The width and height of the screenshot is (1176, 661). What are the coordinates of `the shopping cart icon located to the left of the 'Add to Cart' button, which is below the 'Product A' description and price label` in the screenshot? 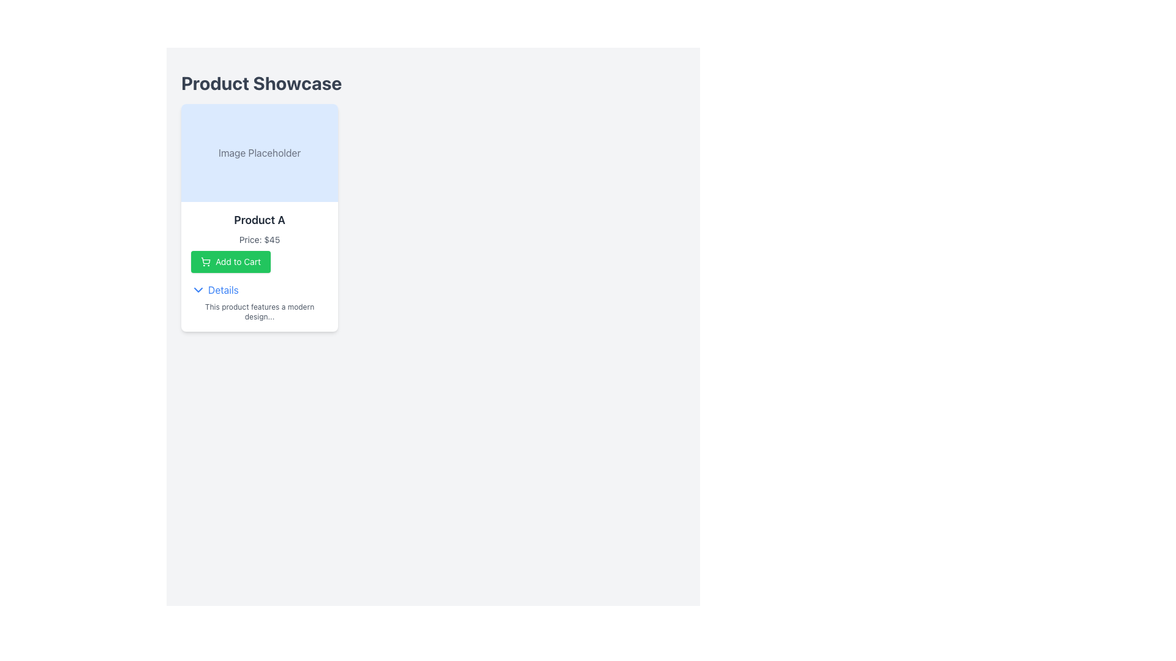 It's located at (206, 261).